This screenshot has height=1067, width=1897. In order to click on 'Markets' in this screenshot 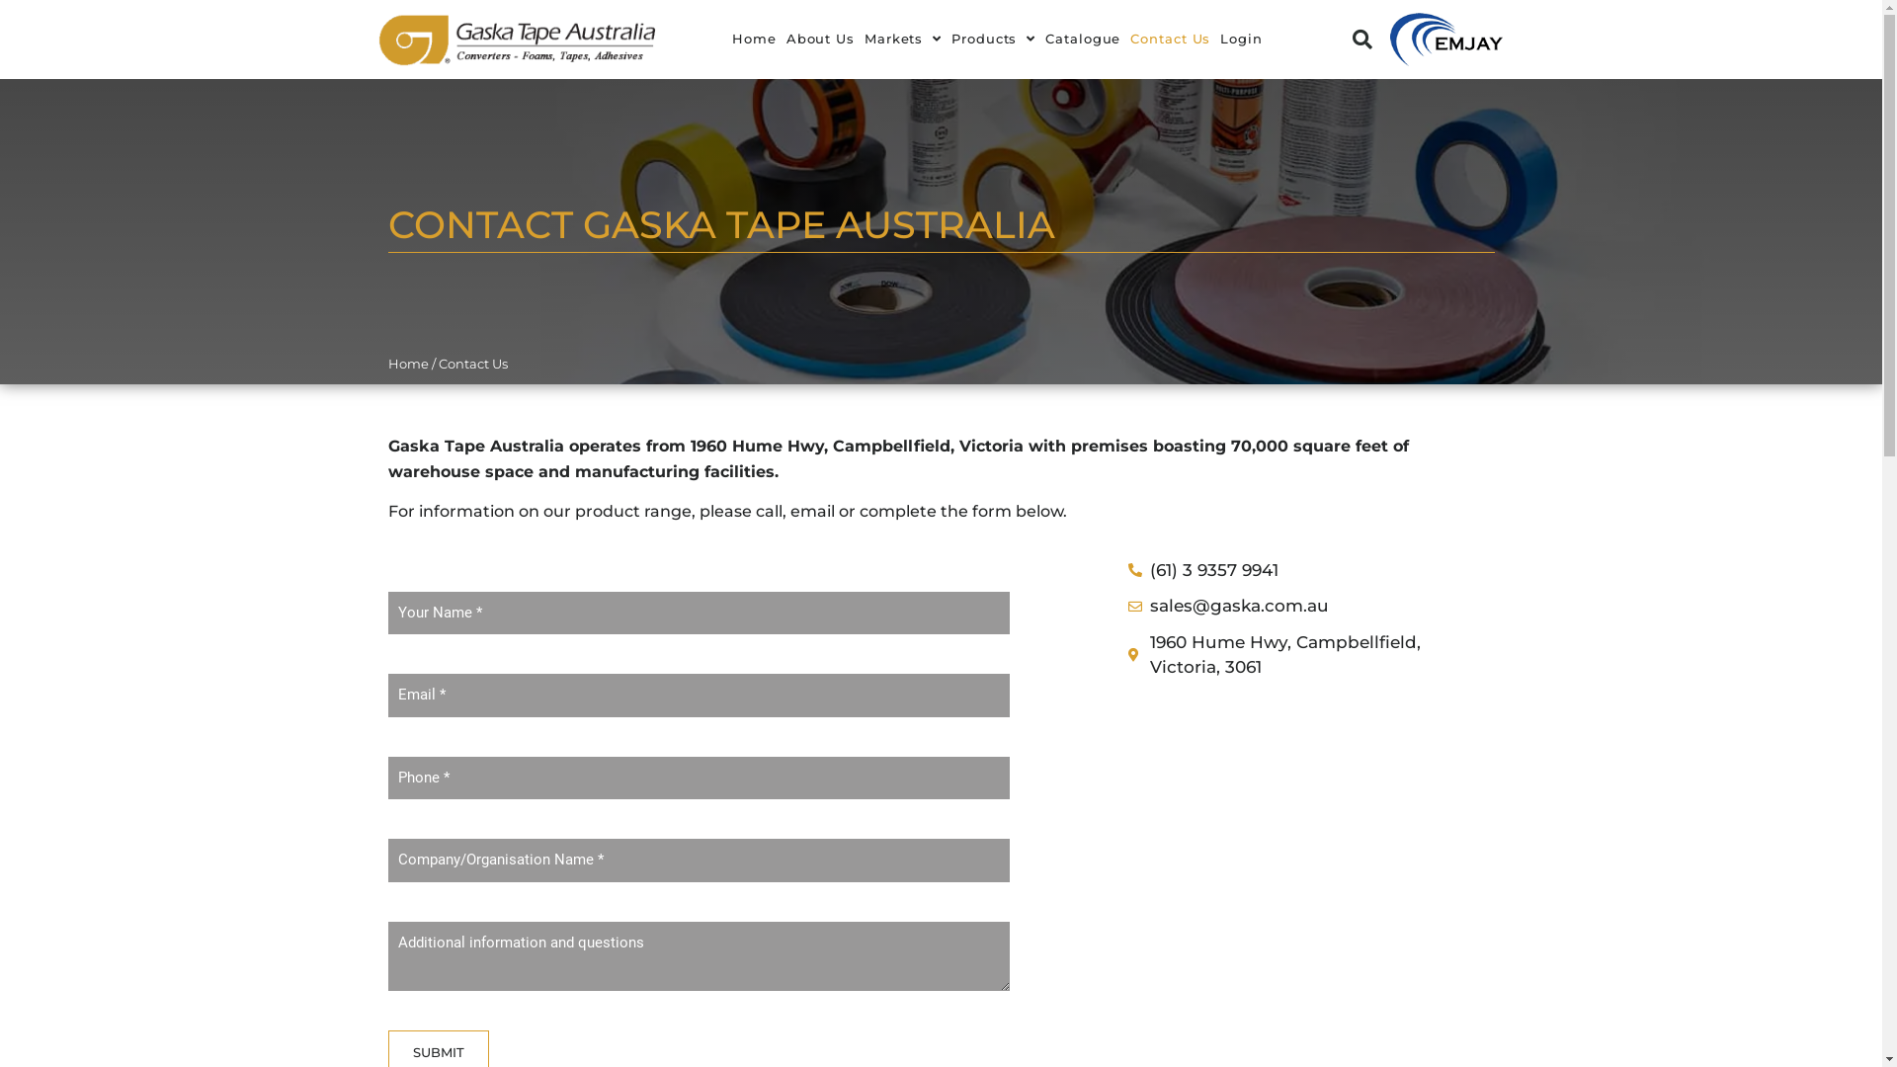, I will do `click(901, 39)`.